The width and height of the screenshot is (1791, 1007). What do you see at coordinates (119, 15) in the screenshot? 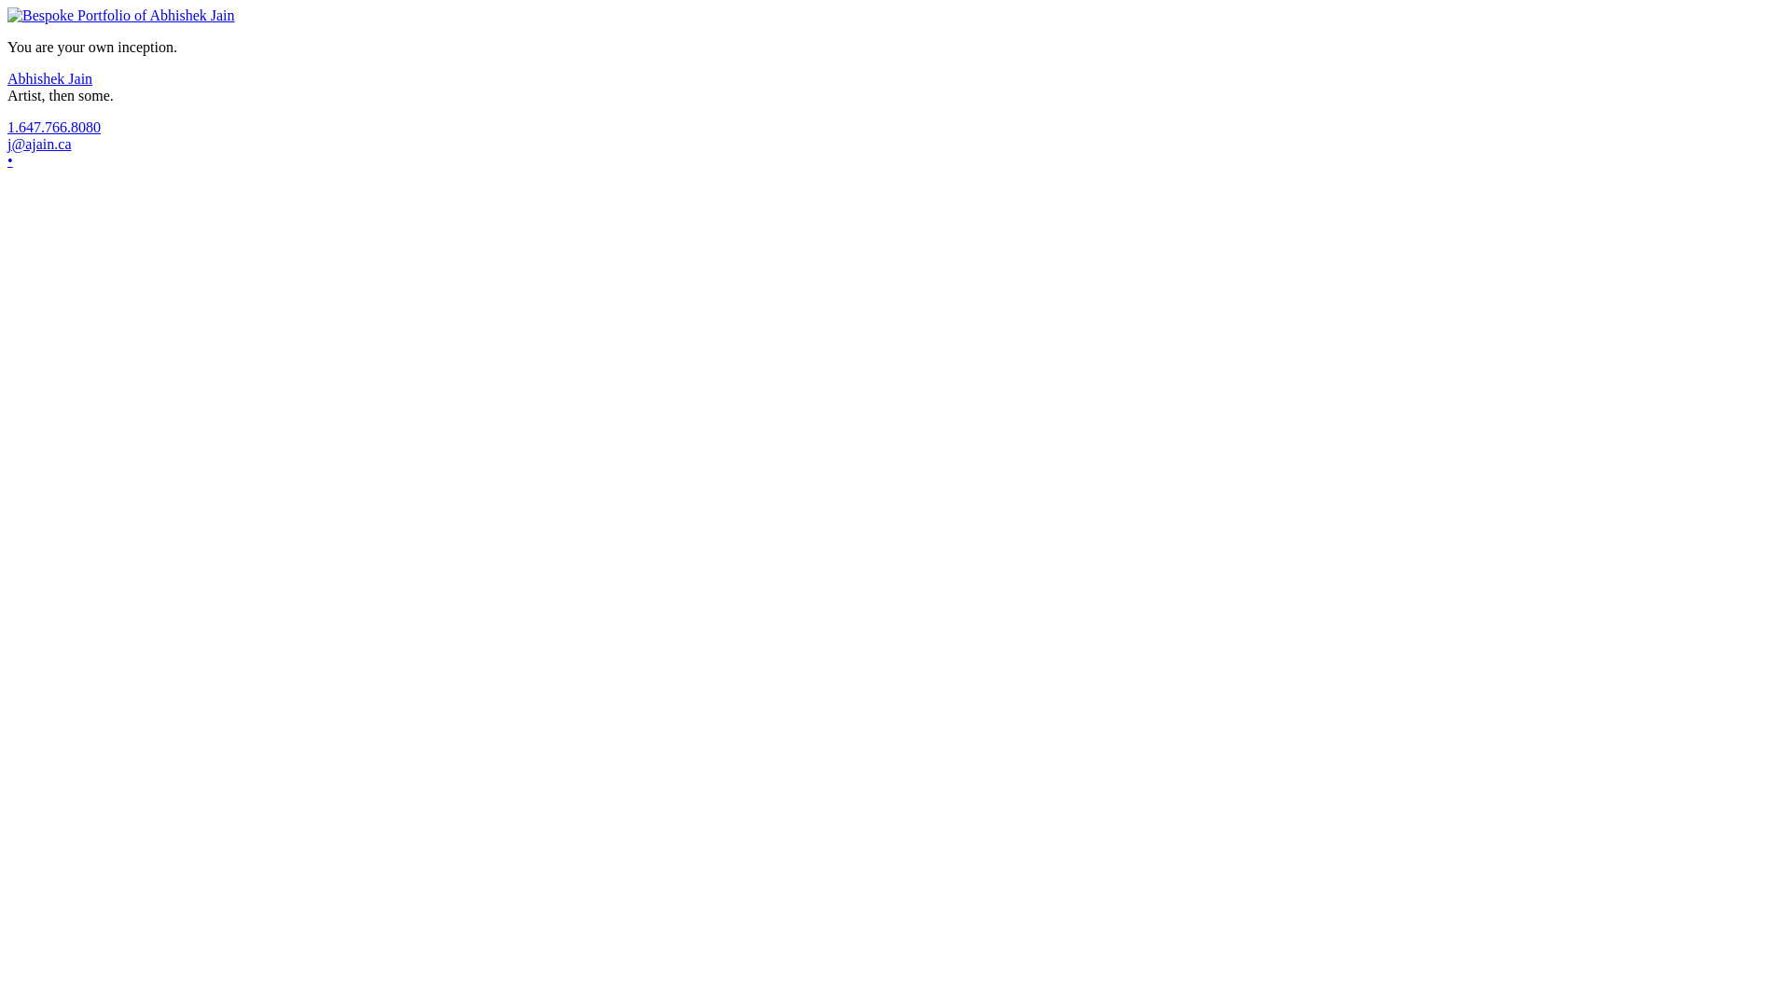
I see `'The Portfolio'` at bounding box center [119, 15].